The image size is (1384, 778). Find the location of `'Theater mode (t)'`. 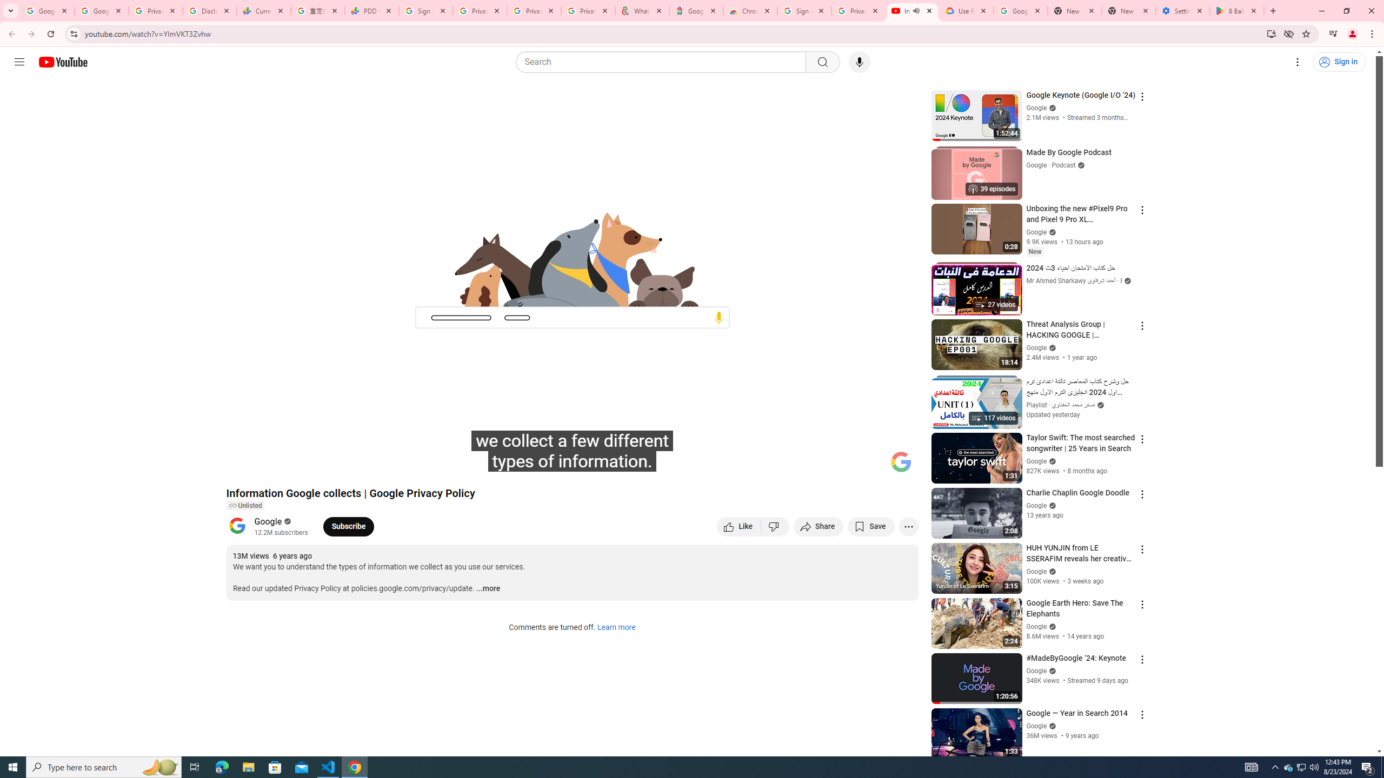

'Theater mode (t)' is located at coordinates (873, 466).